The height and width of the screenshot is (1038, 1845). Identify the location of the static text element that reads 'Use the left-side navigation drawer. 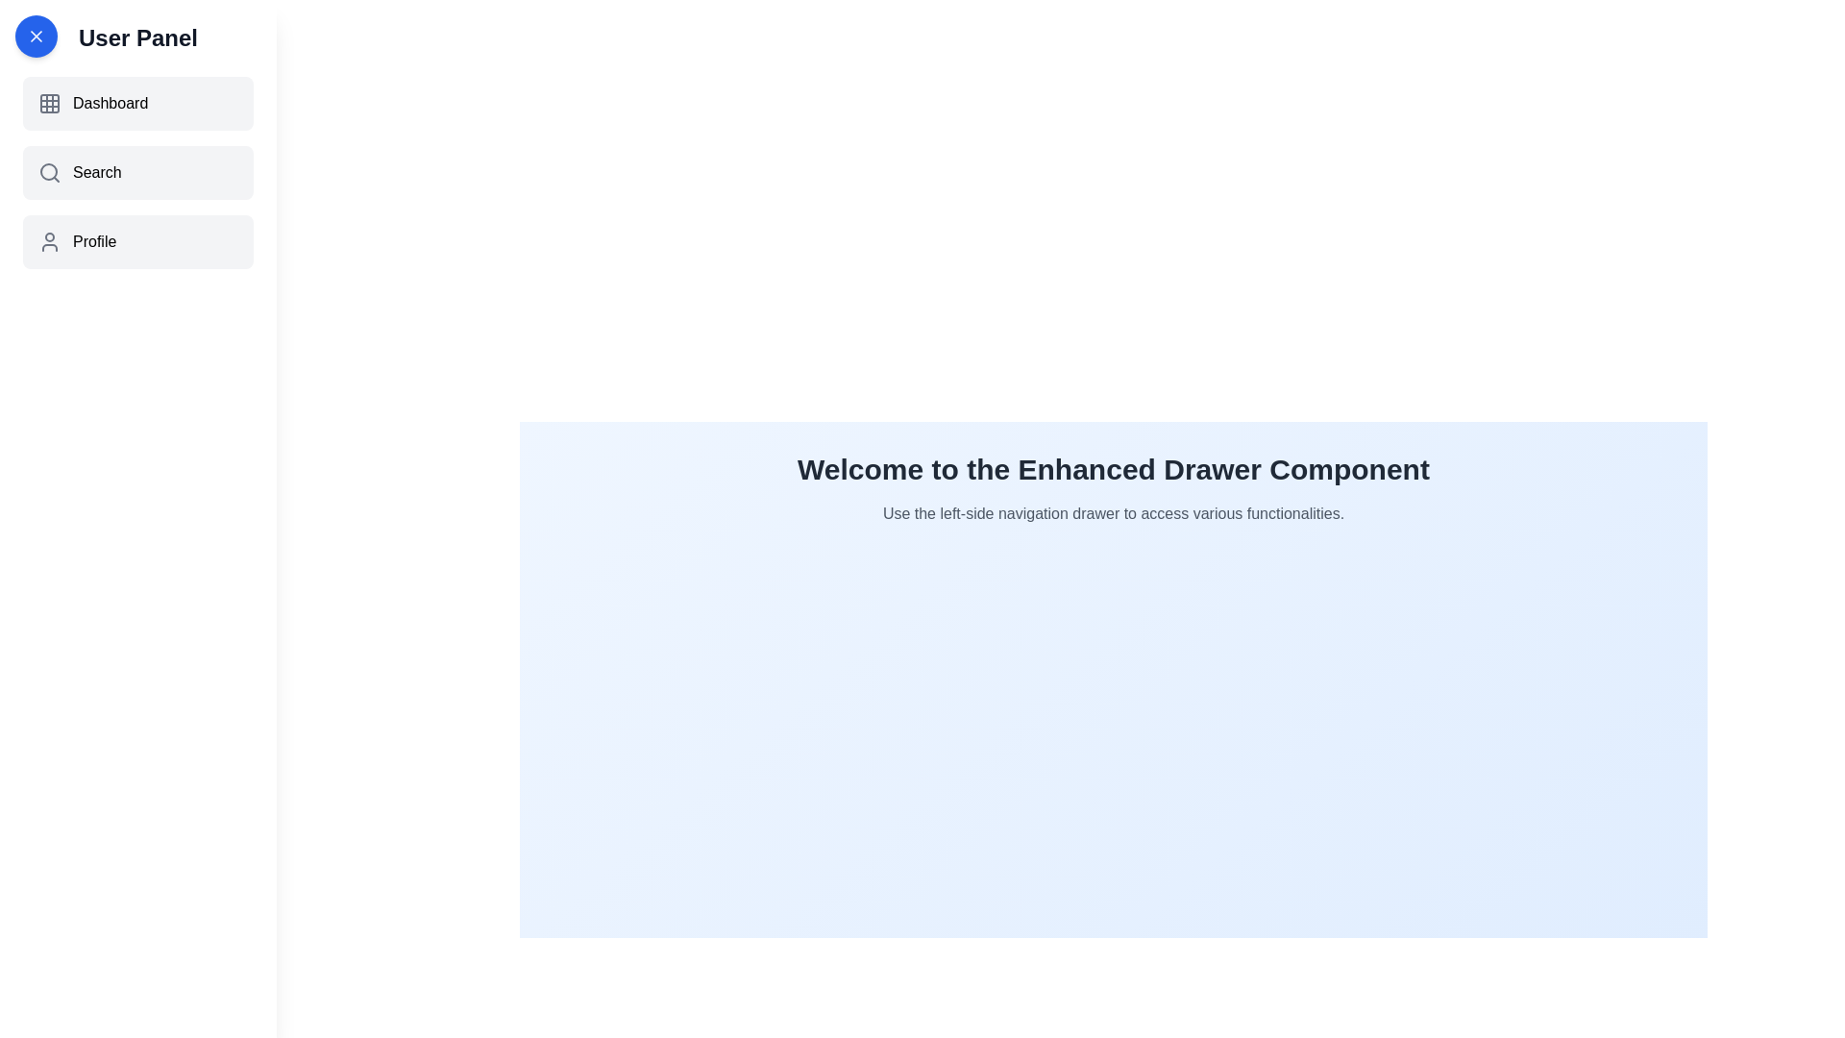
(1113, 513).